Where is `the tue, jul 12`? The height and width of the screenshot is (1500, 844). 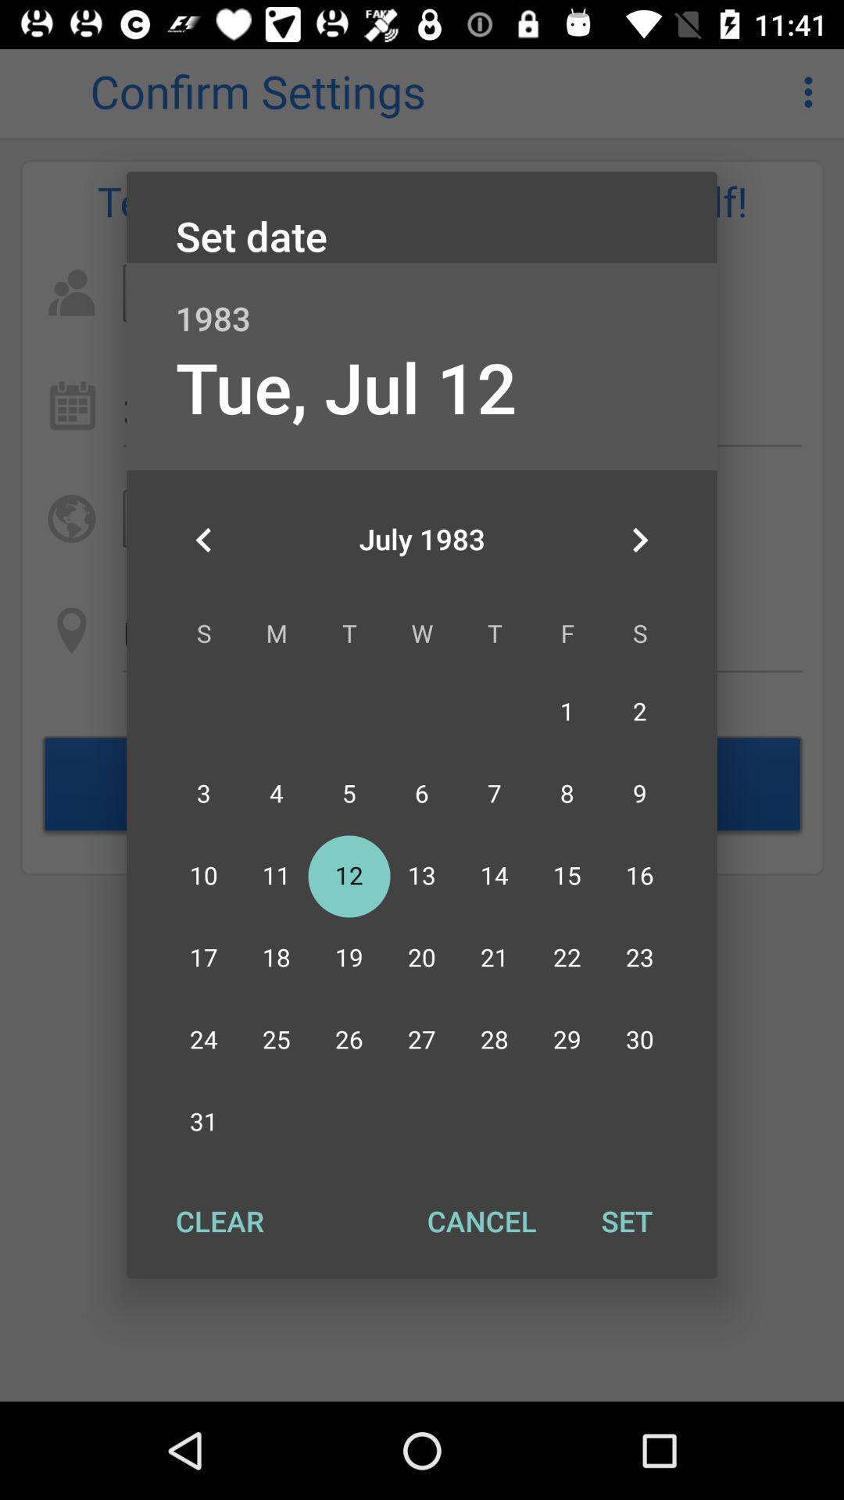
the tue, jul 12 is located at coordinates (345, 387).